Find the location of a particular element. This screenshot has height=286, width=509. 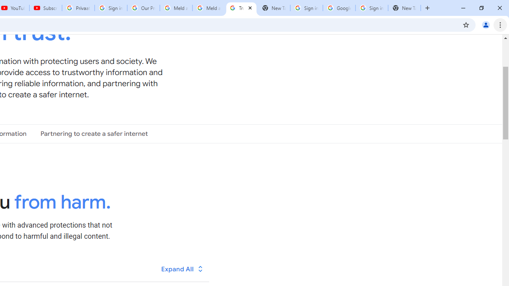

'Trusted Information and Content - Google Safety Center' is located at coordinates (241, 8).